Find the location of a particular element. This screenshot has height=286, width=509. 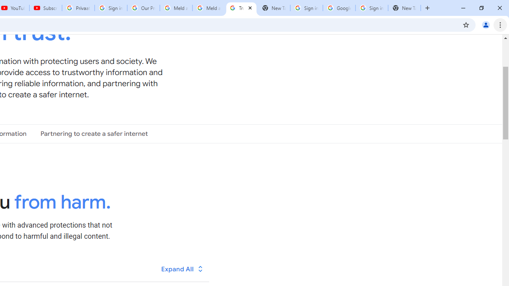

'Trusted Information and Content - Google Safety Center' is located at coordinates (241, 8).